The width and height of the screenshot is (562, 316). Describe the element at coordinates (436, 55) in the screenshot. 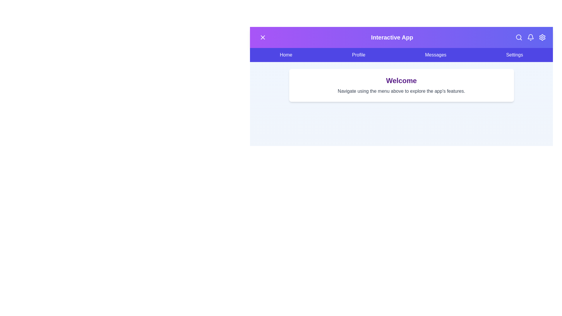

I see `the Messages menu item to navigate to the respective section` at that location.